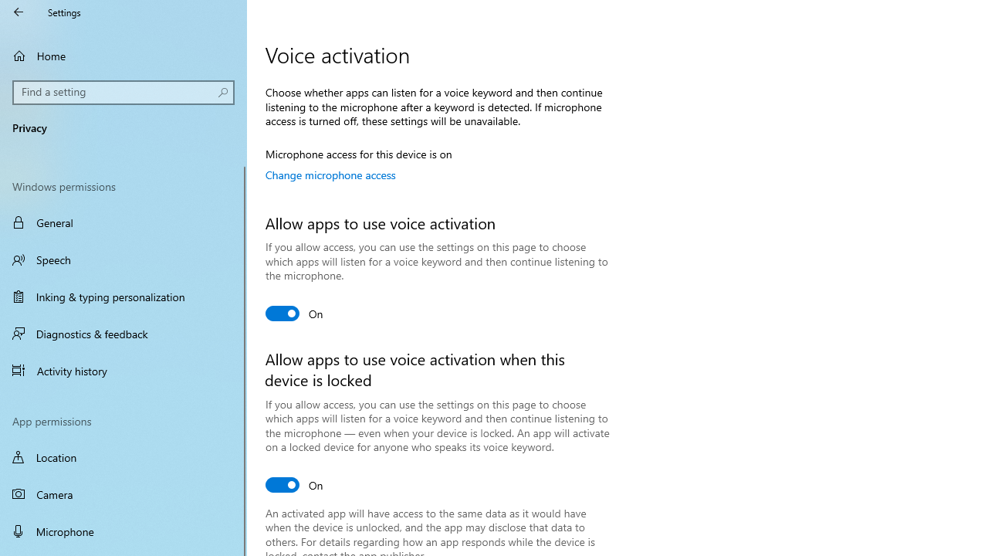 Image resolution: width=988 pixels, height=556 pixels. What do you see at coordinates (123, 333) in the screenshot?
I see `'Diagnostics & feedback'` at bounding box center [123, 333].